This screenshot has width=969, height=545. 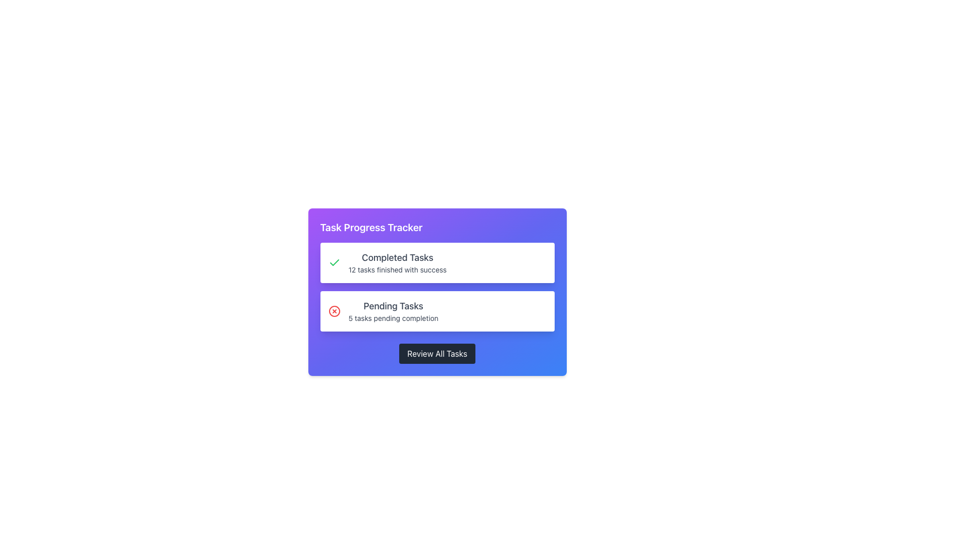 I want to click on the red circular icon with an 'X' inside, located within the 'Pending Tasks' card, to the left of the text 'Pending Tasks', so click(x=334, y=311).